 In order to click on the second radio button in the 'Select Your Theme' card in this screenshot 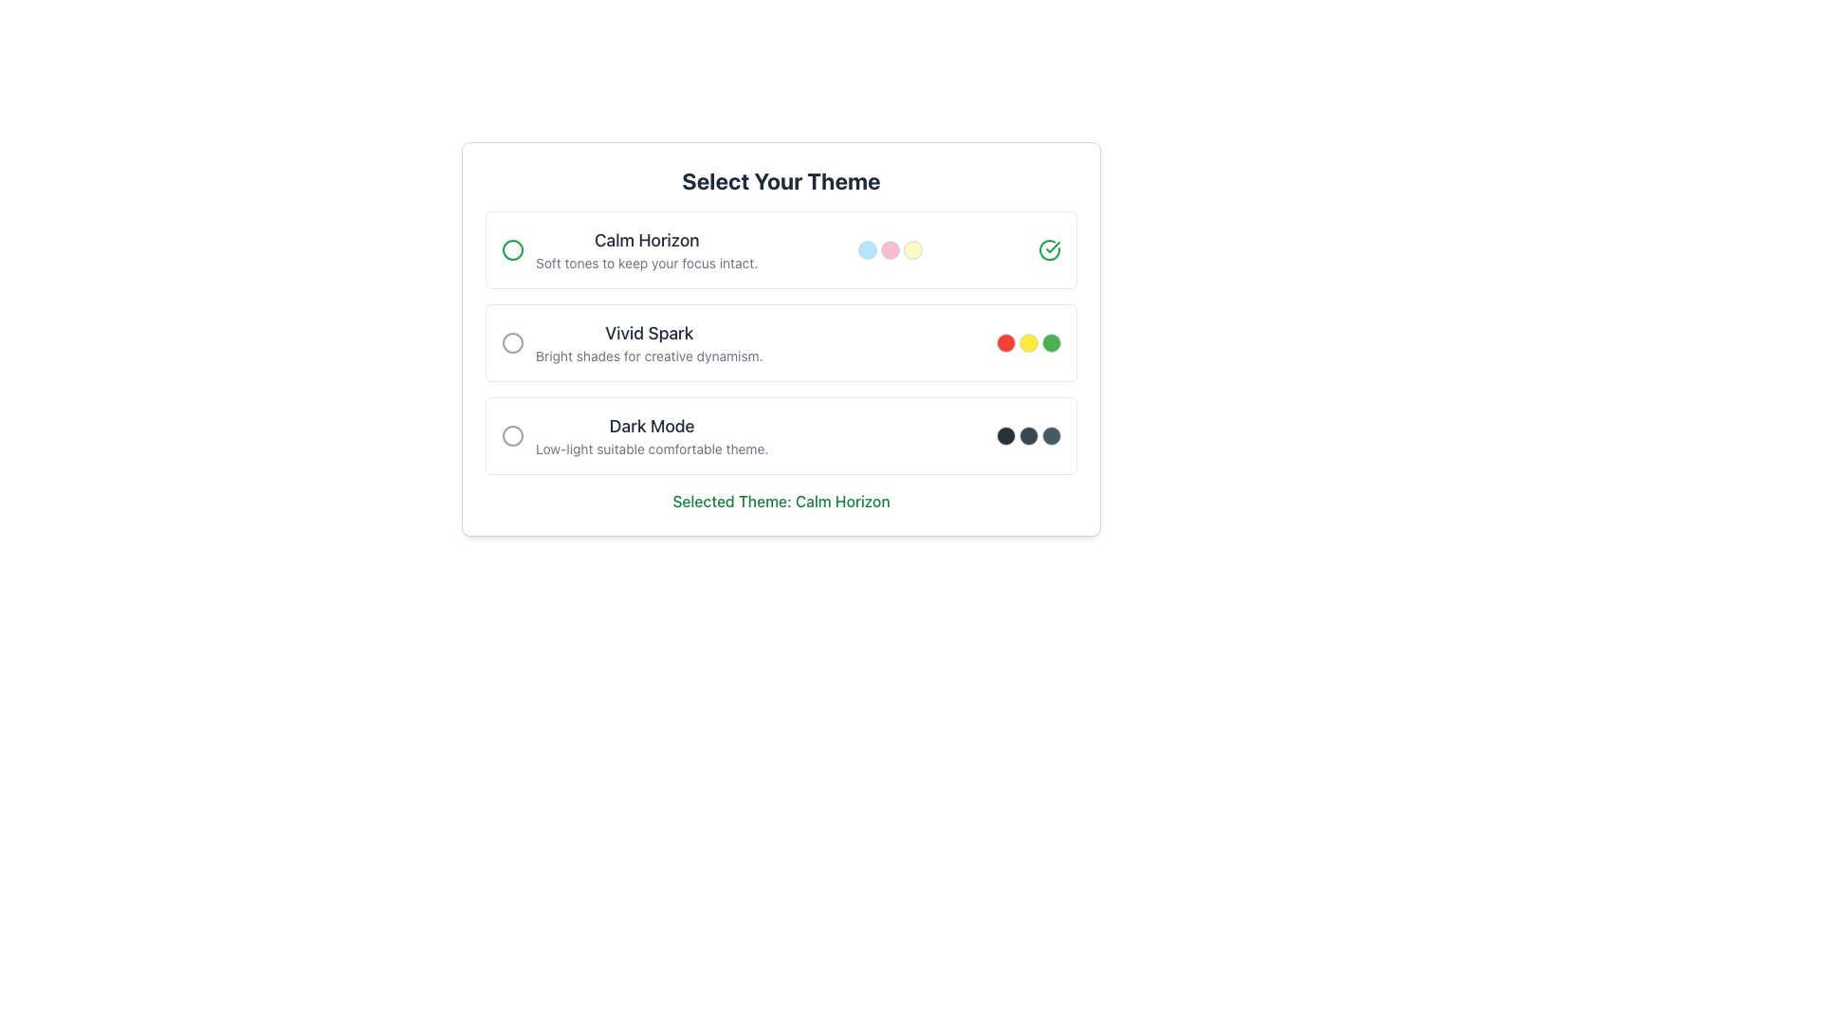, I will do `click(782, 343)`.